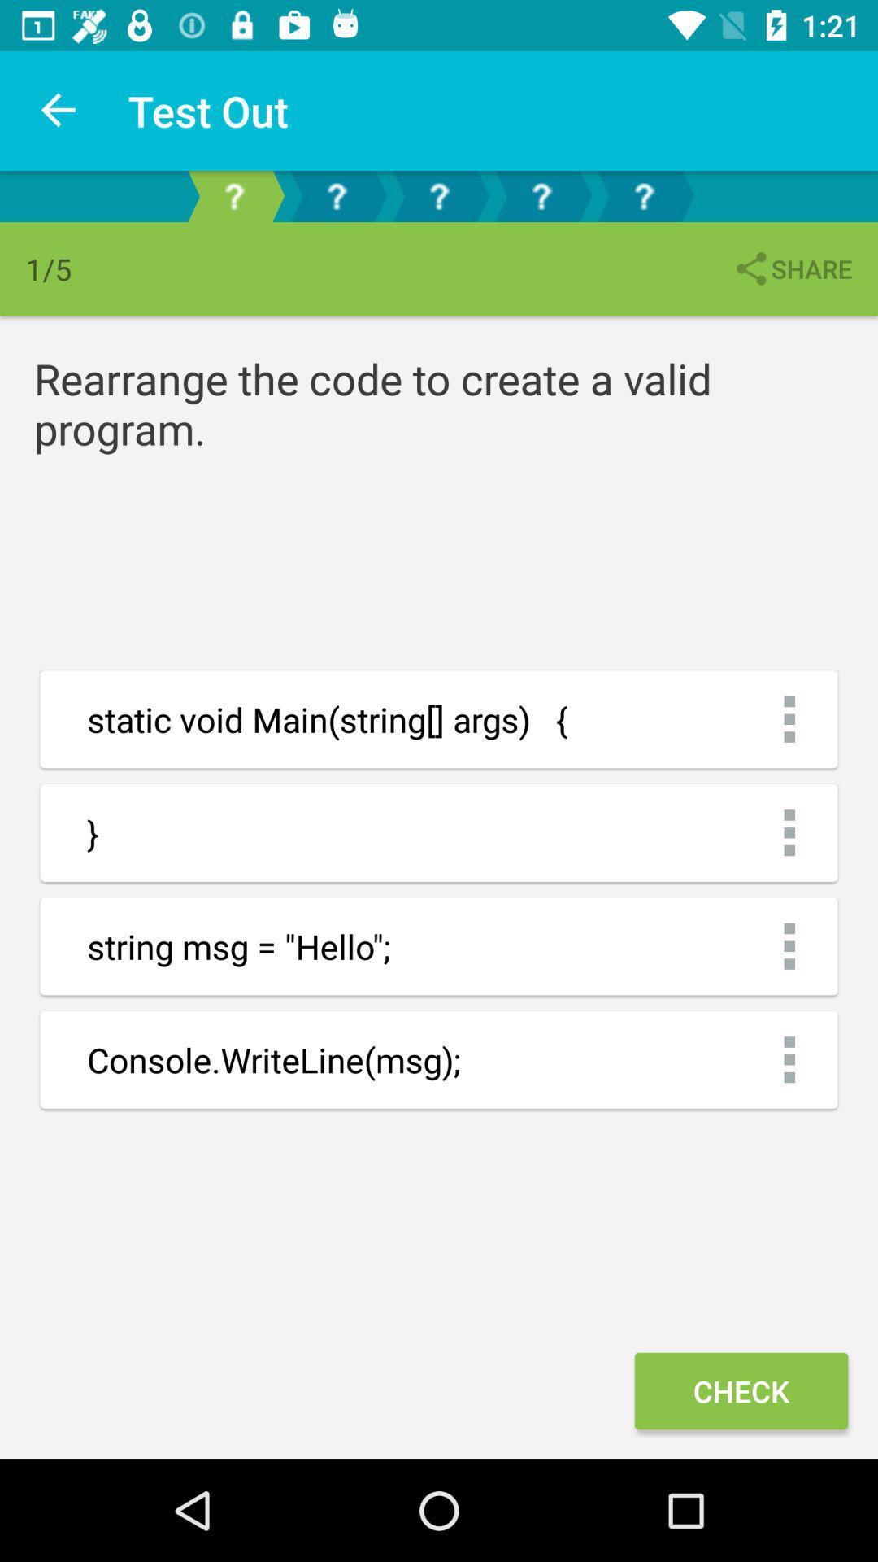 The height and width of the screenshot is (1562, 878). I want to click on the help icon, so click(541, 195).